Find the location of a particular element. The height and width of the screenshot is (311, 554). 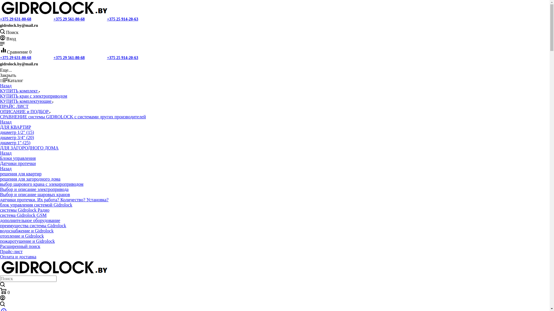

'+375 29 561-80-68' is located at coordinates (69, 58).